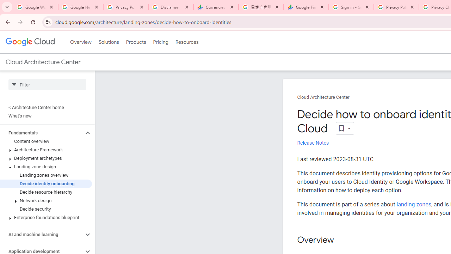 The height and width of the screenshot is (254, 451). What do you see at coordinates (45, 201) in the screenshot?
I see `'Network design'` at bounding box center [45, 201].